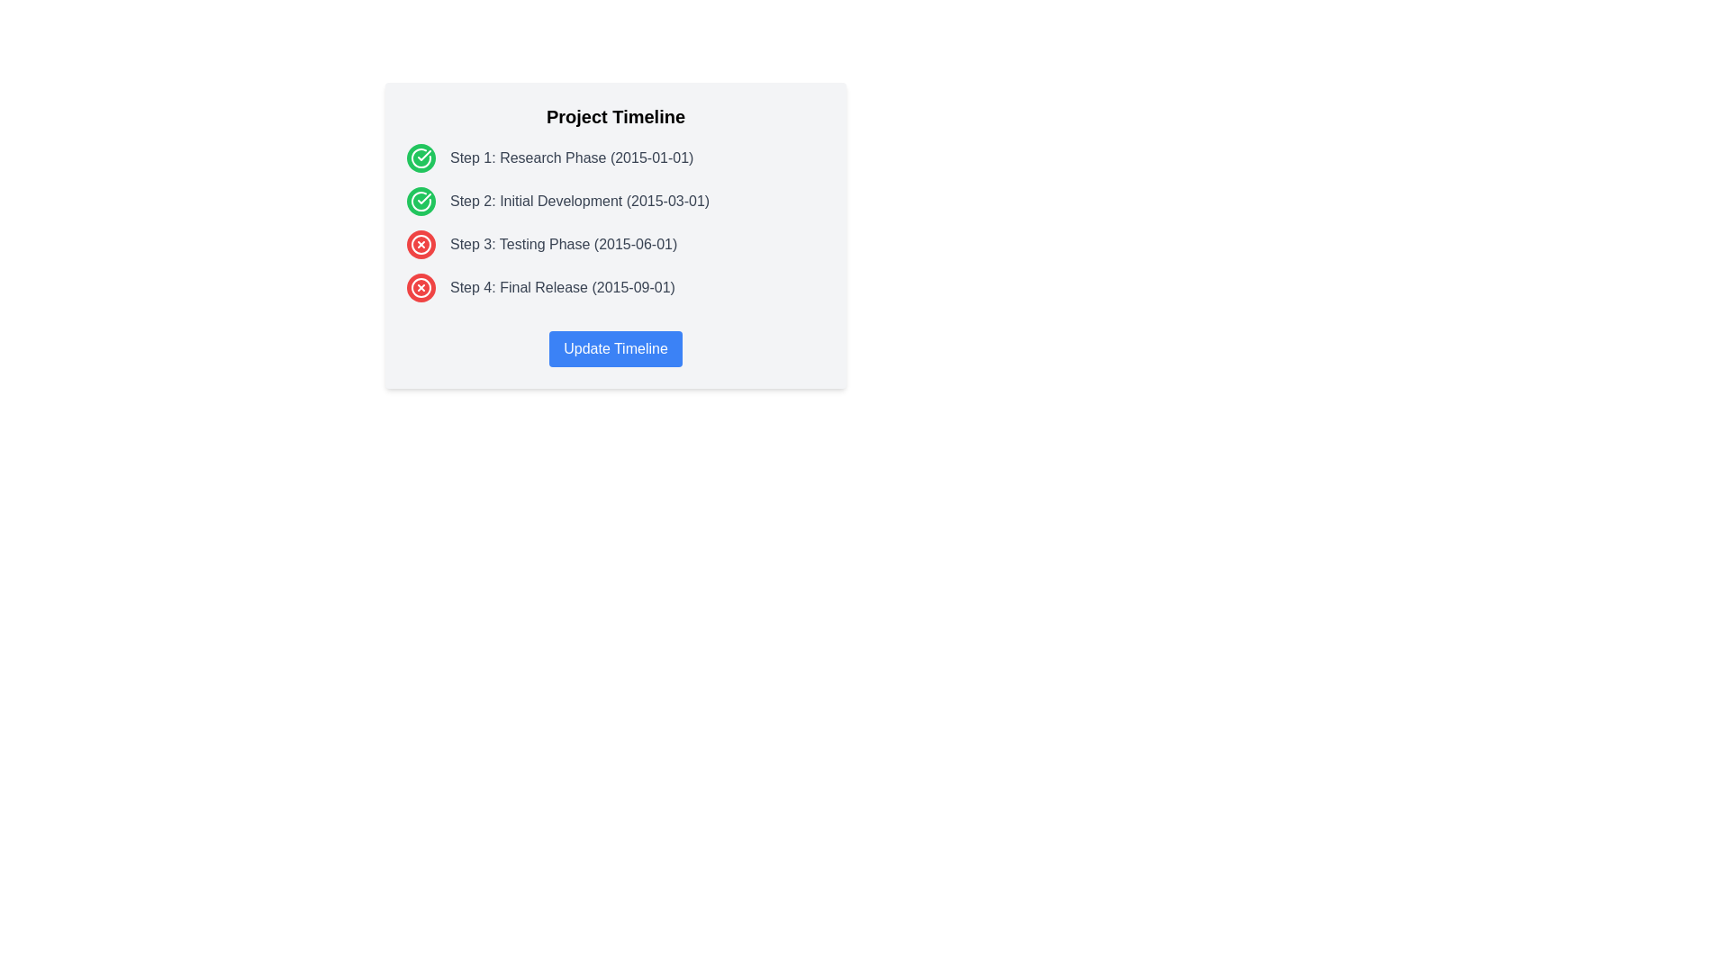 The image size is (1729, 972). Describe the element at coordinates (420, 245) in the screenshot. I see `the status marker icon indicating a failed or terminated Step 4 in the Project Timeline section, which is visually represented by a red circular background to the left of the step's description` at that location.